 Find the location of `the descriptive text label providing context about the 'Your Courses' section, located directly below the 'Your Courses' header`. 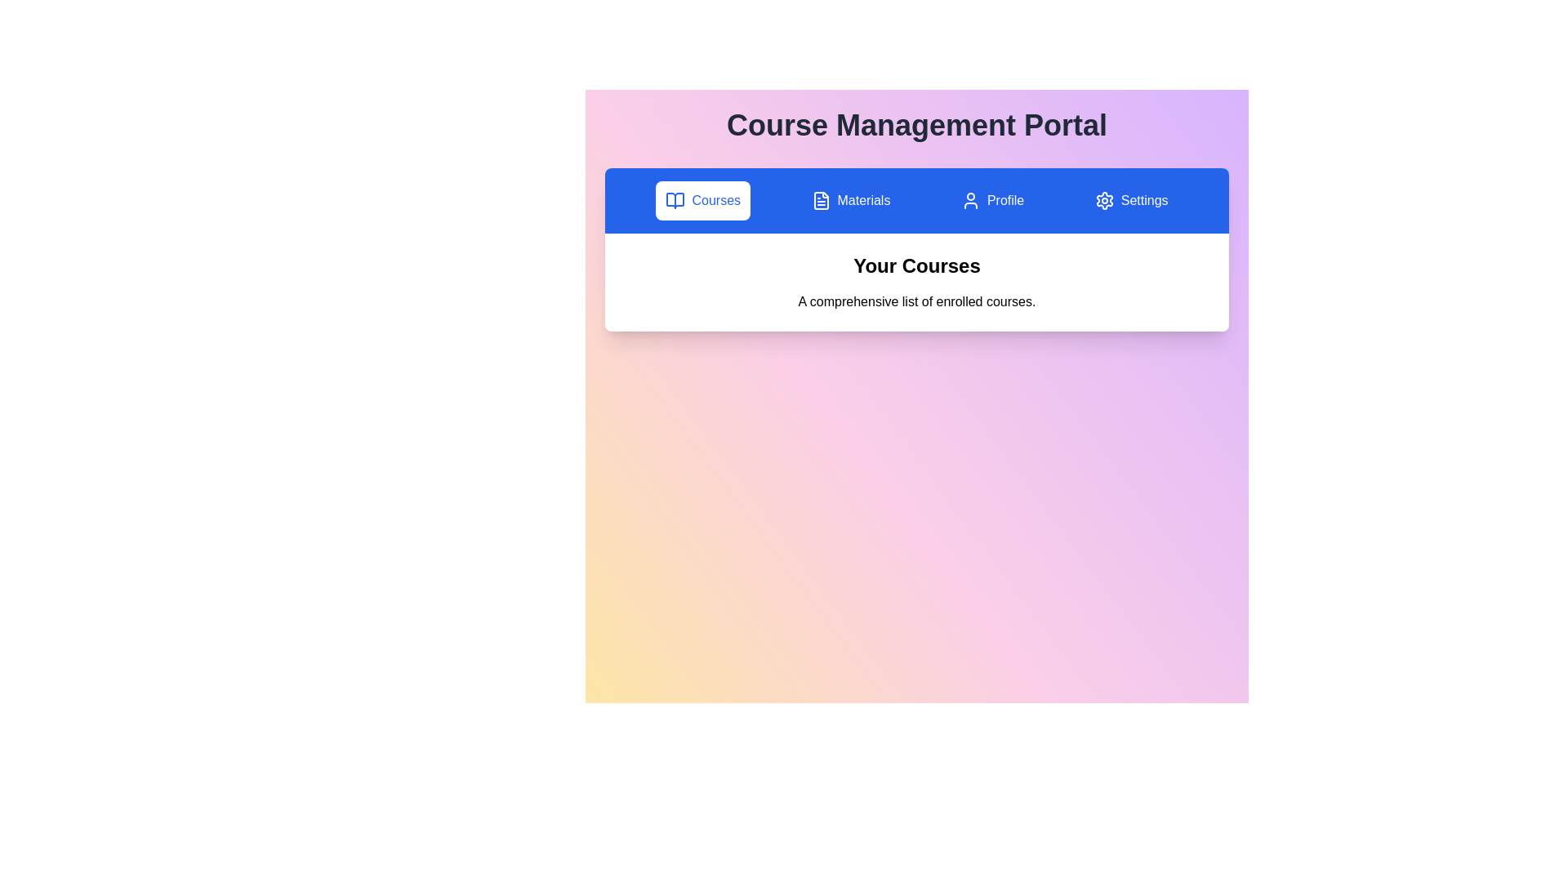

the descriptive text label providing context about the 'Your Courses' section, located directly below the 'Your Courses' header is located at coordinates (917, 302).